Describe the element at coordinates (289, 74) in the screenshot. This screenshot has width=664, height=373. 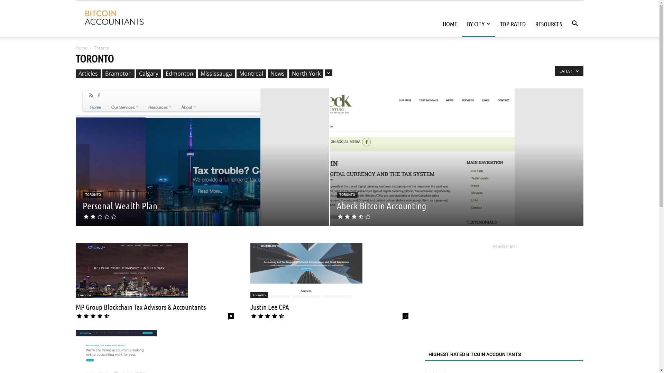
I see `'North York'` at that location.